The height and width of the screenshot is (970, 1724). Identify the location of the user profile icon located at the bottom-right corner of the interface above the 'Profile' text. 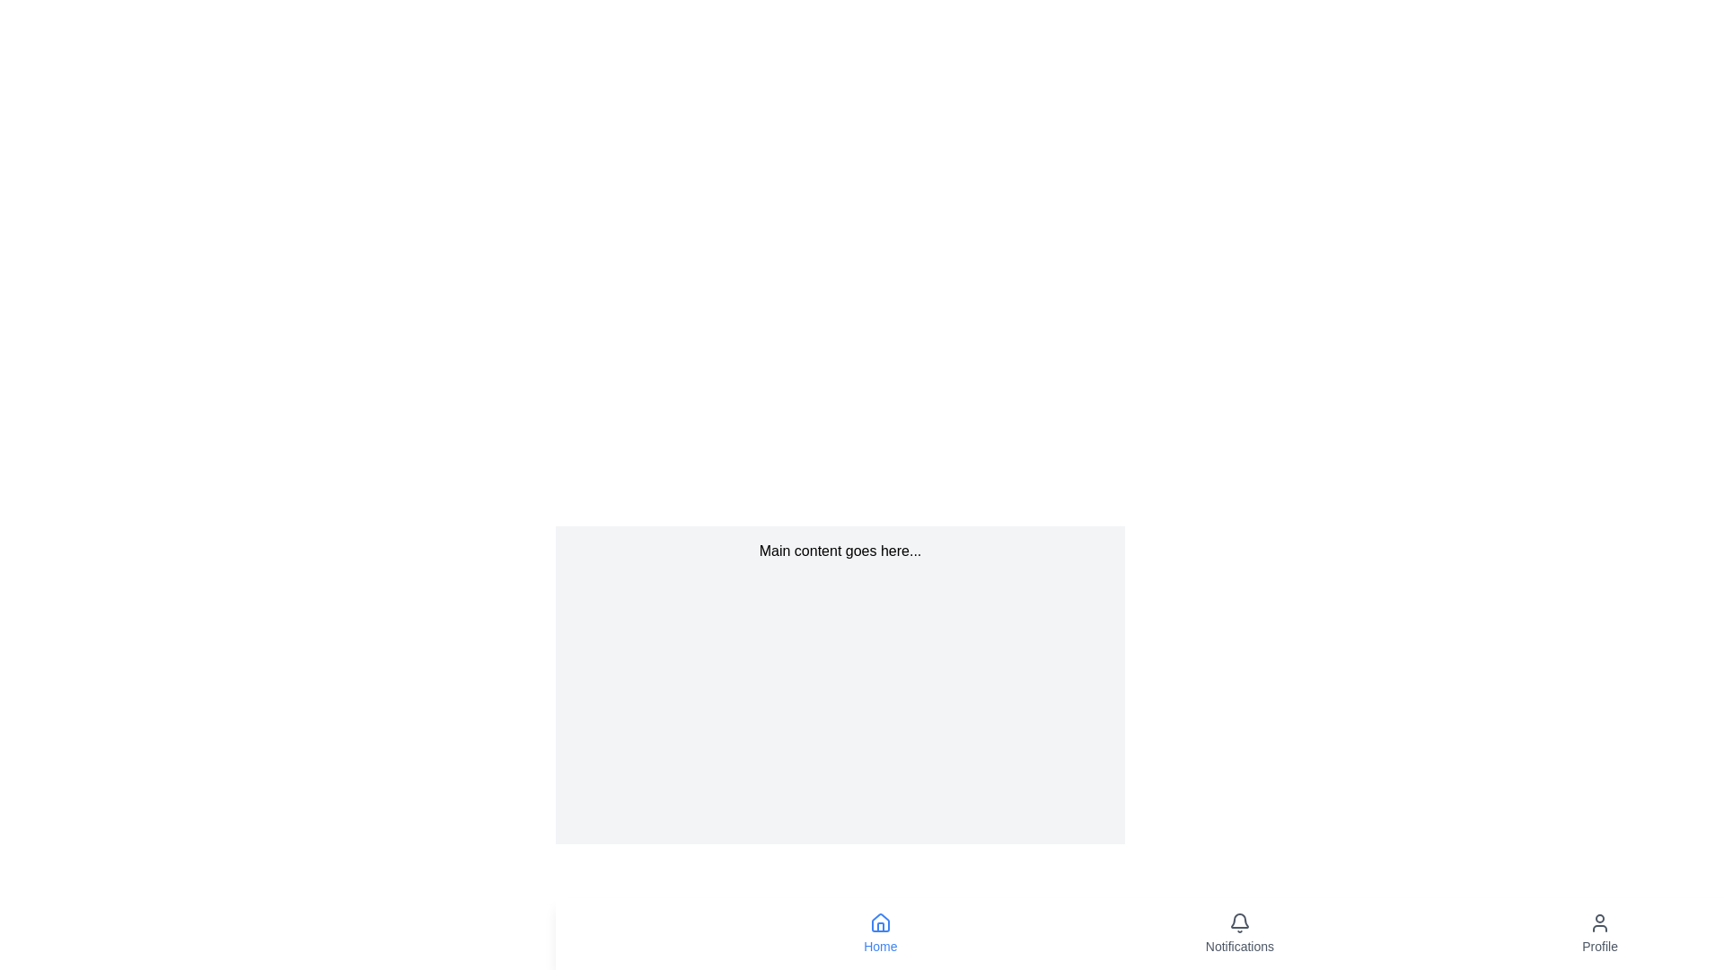
(1600, 923).